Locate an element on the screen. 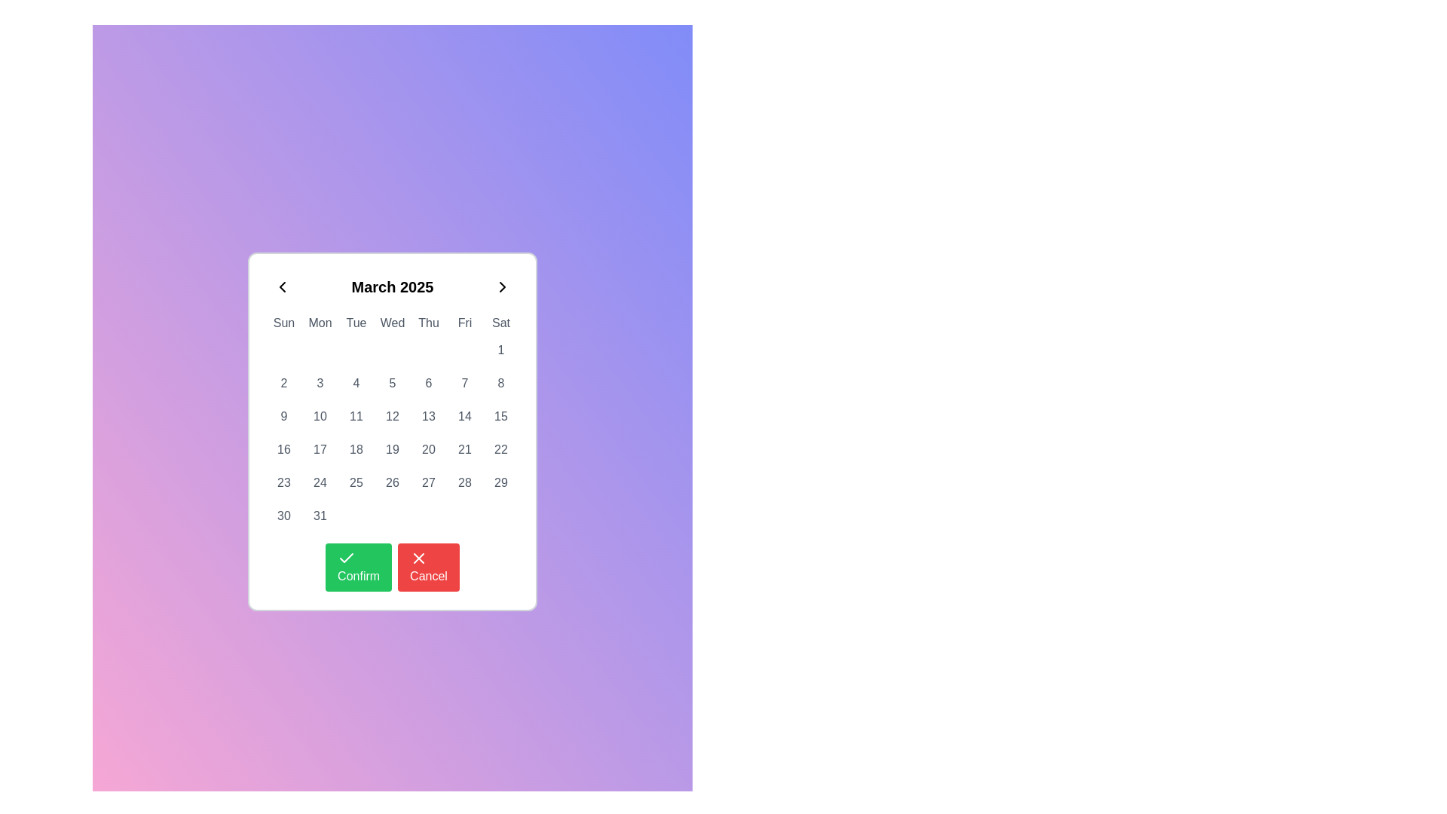 The height and width of the screenshot is (814, 1447). the button displaying the number '15' is located at coordinates (501, 416).